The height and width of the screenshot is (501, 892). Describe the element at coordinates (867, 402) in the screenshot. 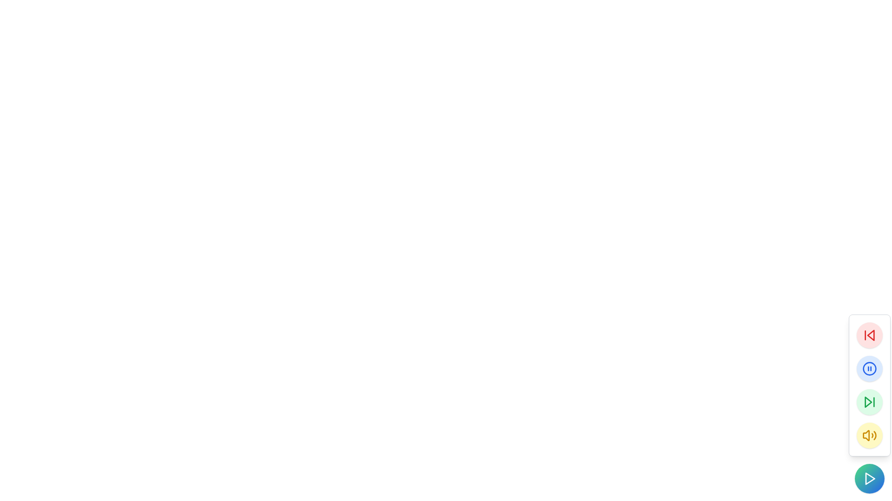

I see `the triangular-shaped Iconic Button, which is the third button from the top in a vertical stack on the right edge of the interface, to skip forward` at that location.